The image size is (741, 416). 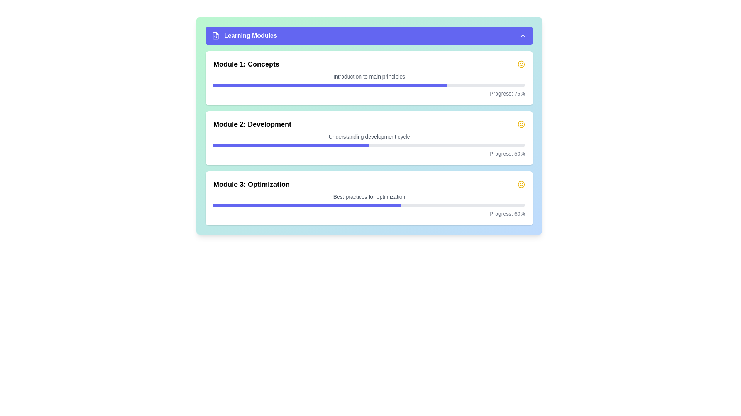 I want to click on the progress bar of the Informational card labeled 'Module 3: Optimization', which is located in the third position of the module list, so click(x=369, y=198).